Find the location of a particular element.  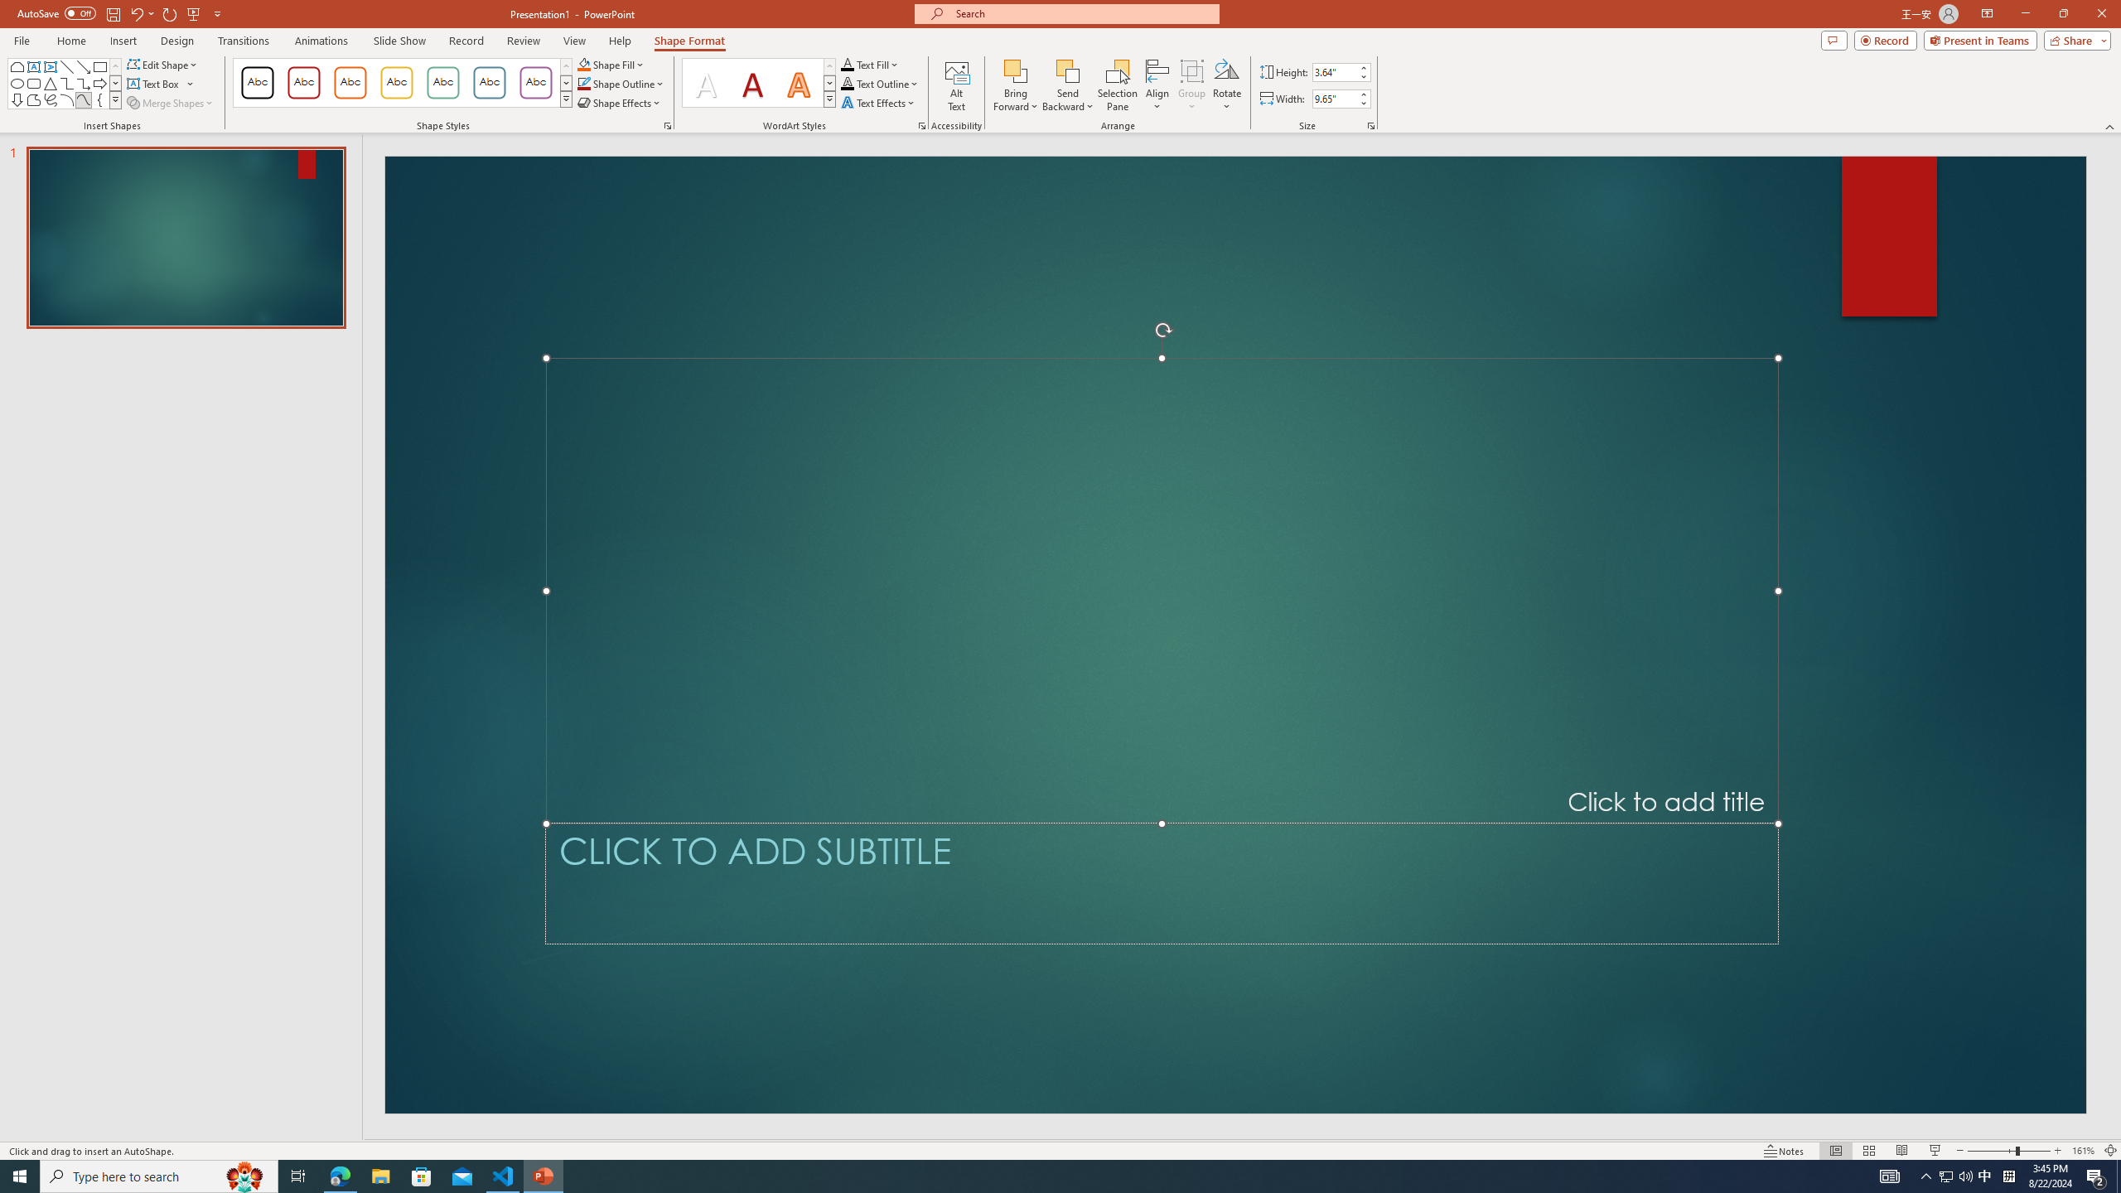

'Animations' is located at coordinates (321, 41).